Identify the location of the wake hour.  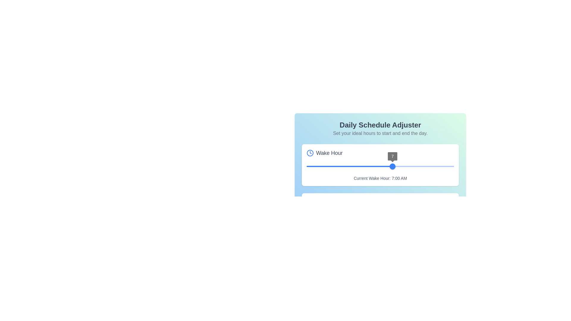
(362, 215).